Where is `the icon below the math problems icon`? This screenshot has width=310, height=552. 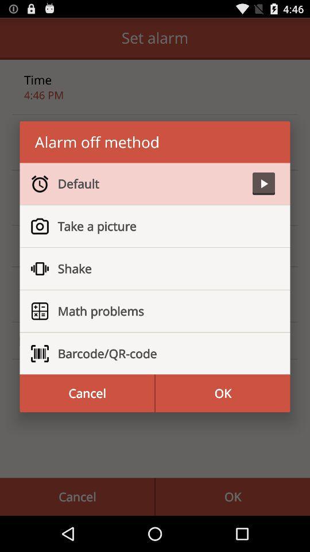 the icon below the math problems icon is located at coordinates (161, 353).